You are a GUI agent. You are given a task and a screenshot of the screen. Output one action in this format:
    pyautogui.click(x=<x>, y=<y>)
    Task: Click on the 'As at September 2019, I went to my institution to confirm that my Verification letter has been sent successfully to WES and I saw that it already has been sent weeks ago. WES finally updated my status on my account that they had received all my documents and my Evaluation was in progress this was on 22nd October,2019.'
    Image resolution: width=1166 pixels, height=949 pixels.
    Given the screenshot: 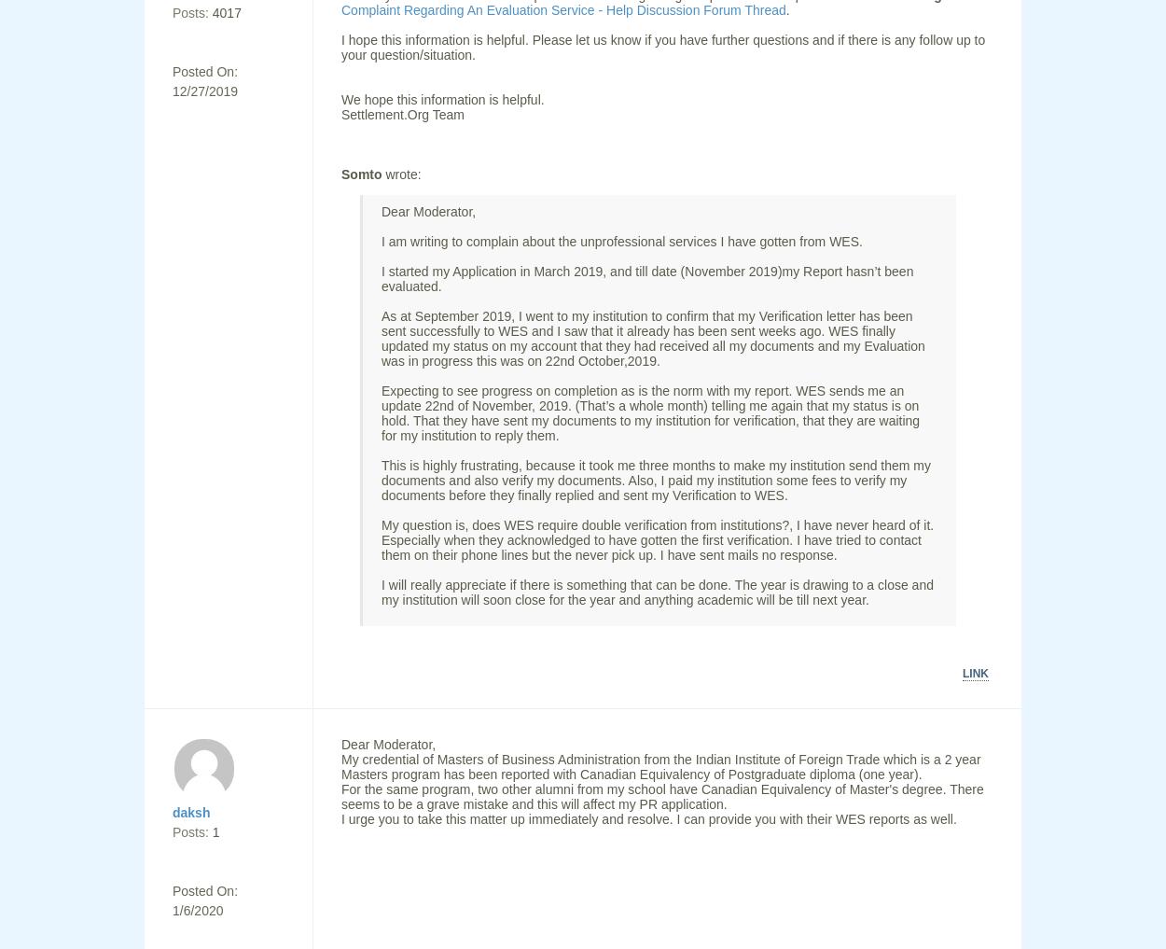 What is the action you would take?
    pyautogui.click(x=652, y=337)
    